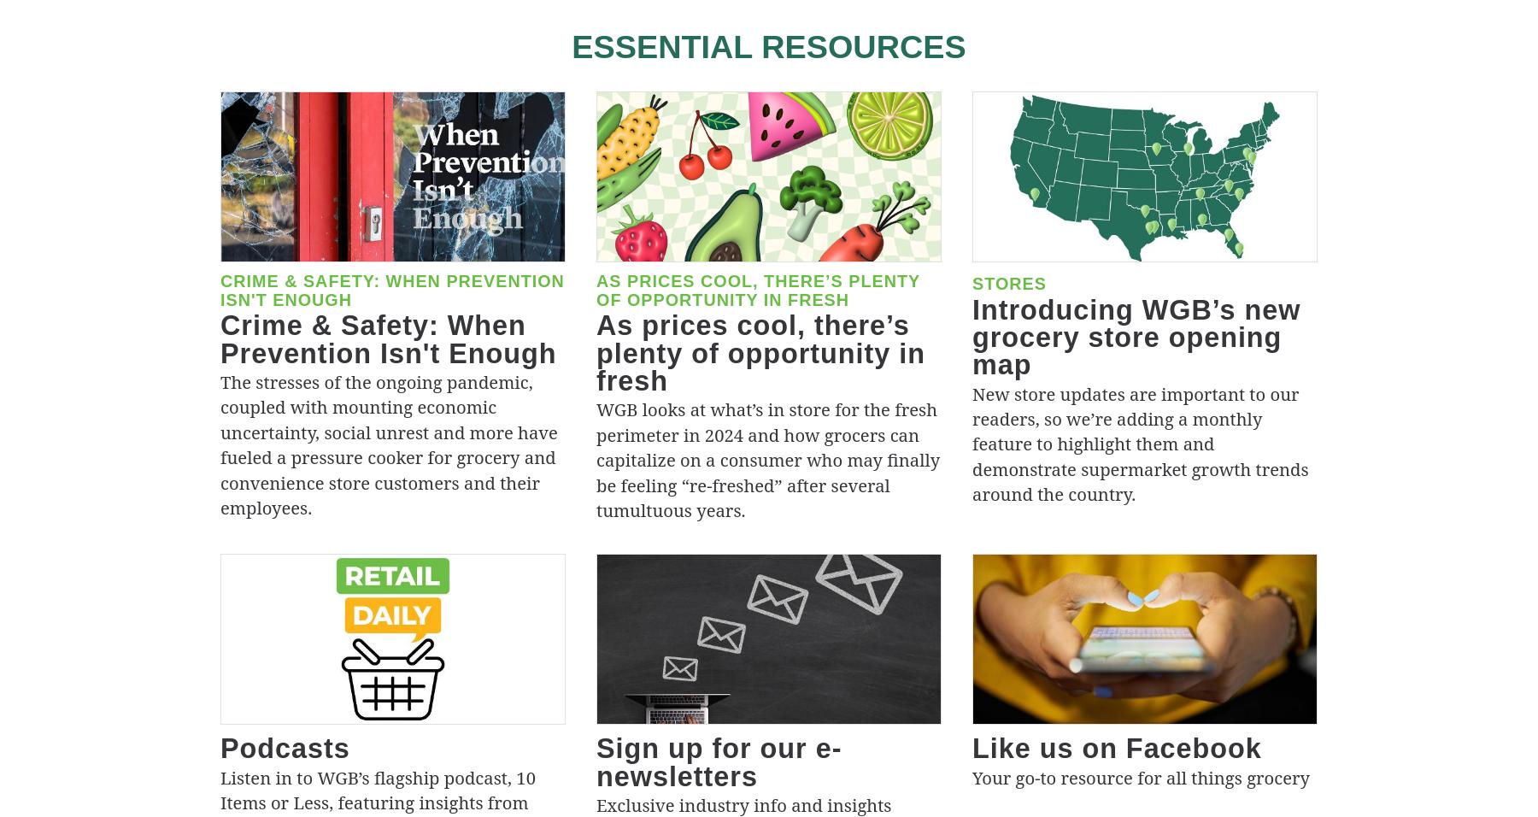 The image size is (1538, 817). I want to click on 'Stores', so click(1007, 281).